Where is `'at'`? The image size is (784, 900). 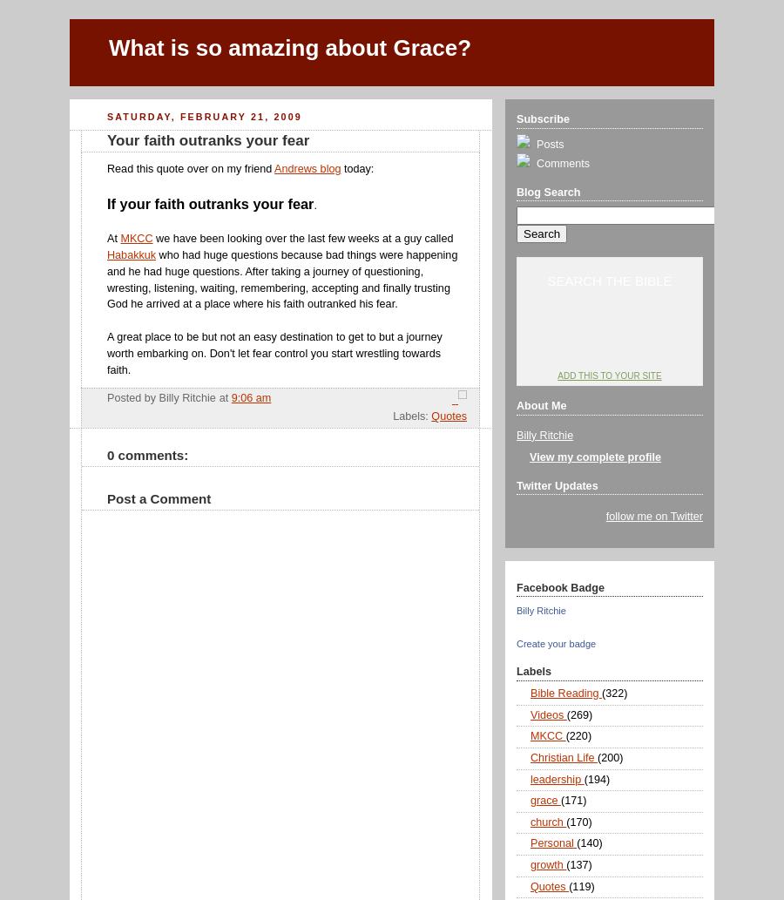
'at' is located at coordinates (224, 397).